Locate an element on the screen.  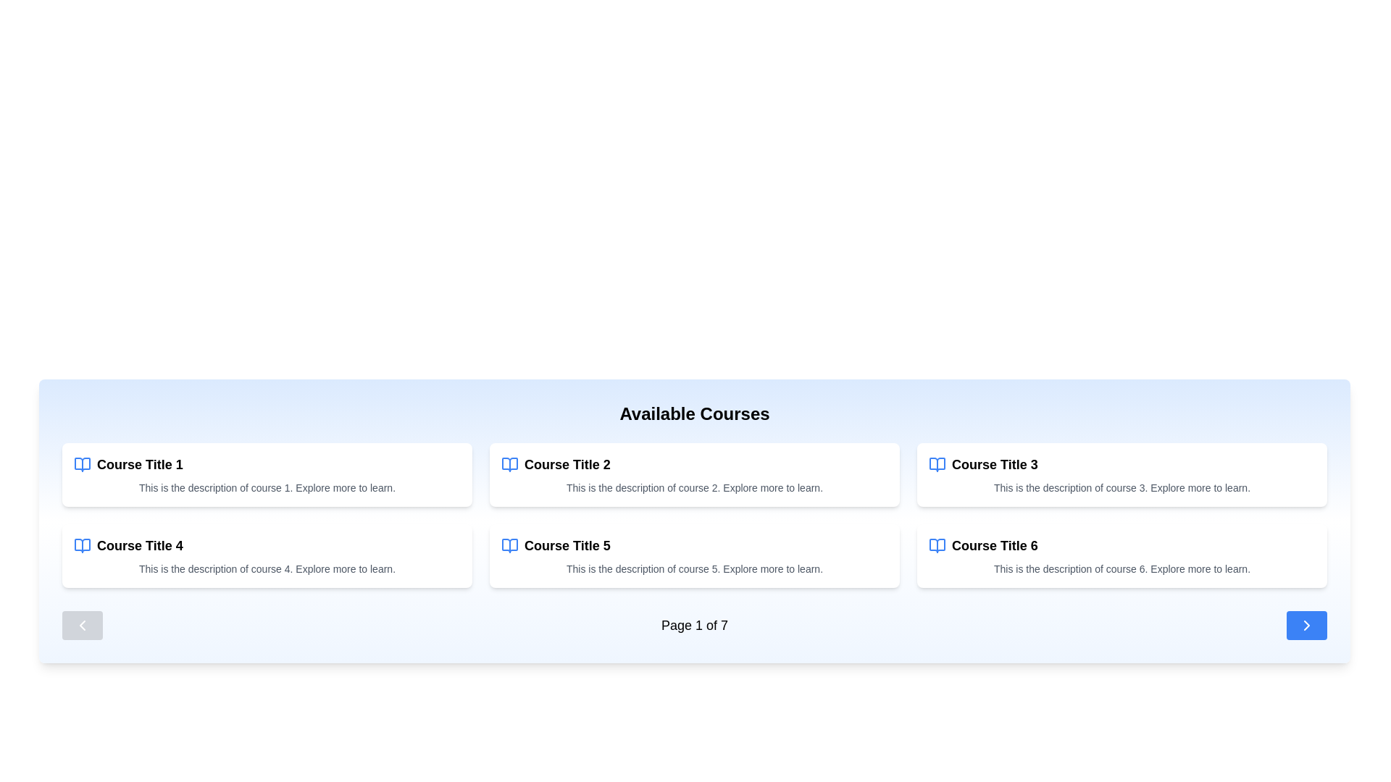
the blue open book icon located to the left of the 'Course Title 6' text in the course card positioned in the second row, third column of the course listing interface is located at coordinates (937, 545).